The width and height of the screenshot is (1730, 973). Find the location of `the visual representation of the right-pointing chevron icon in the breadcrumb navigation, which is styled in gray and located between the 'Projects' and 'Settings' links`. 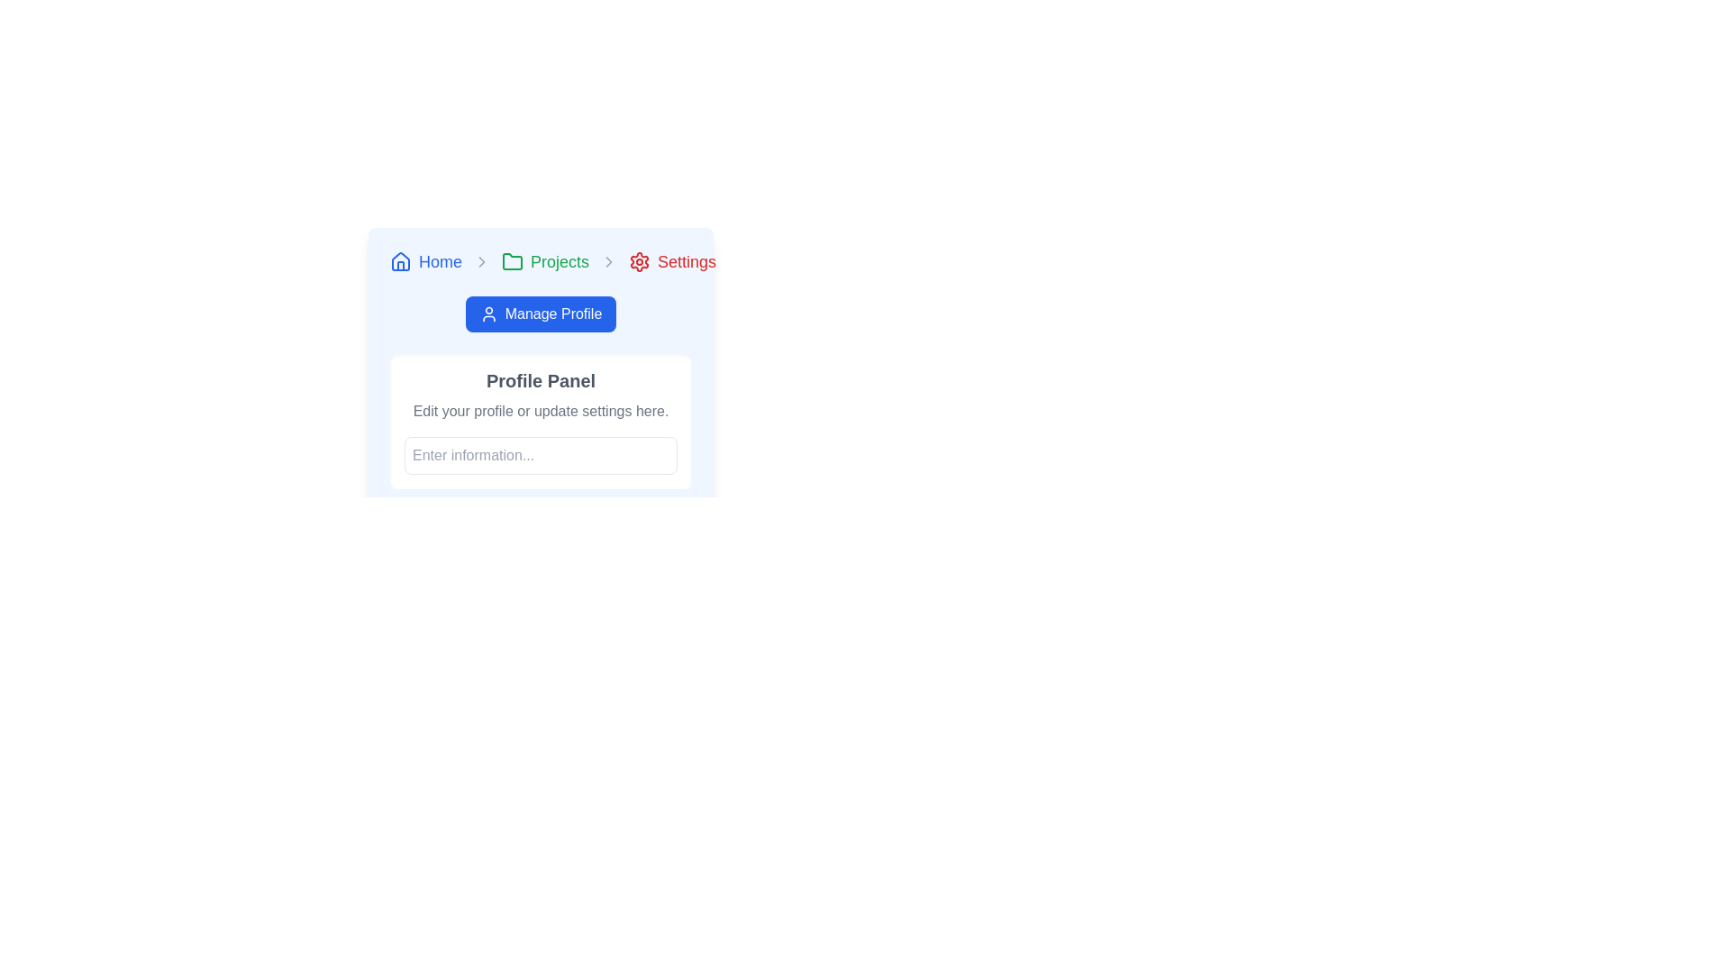

the visual representation of the right-pointing chevron icon in the breadcrumb navigation, which is styled in gray and located between the 'Projects' and 'Settings' links is located at coordinates (482, 261).